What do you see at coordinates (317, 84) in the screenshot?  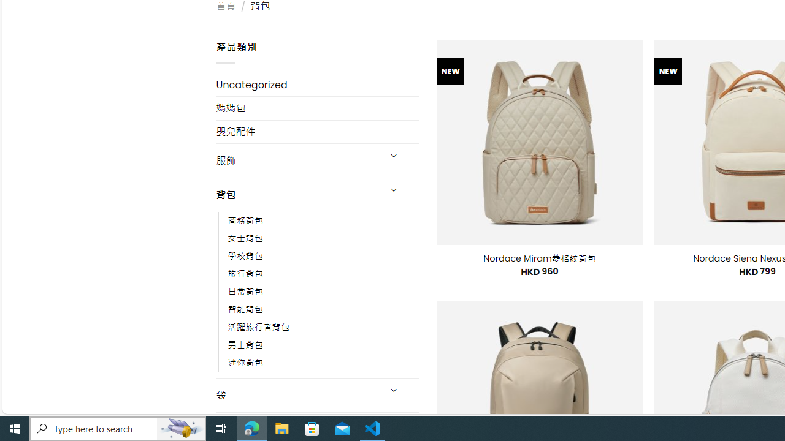 I see `'Uncategorized'` at bounding box center [317, 84].